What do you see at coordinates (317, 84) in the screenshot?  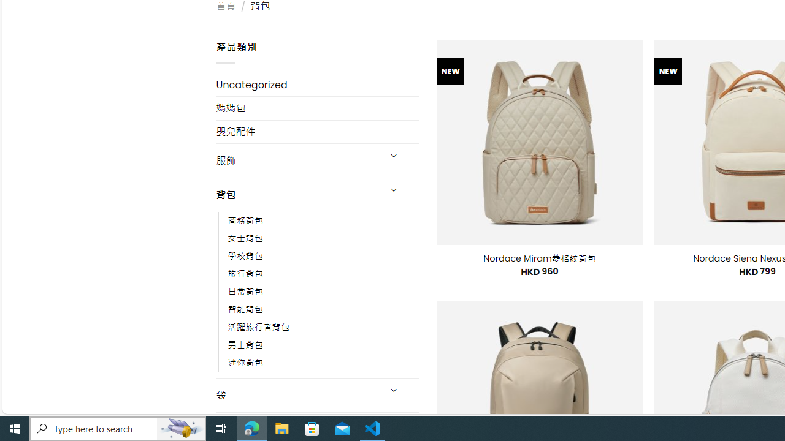 I see `'Uncategorized'` at bounding box center [317, 84].